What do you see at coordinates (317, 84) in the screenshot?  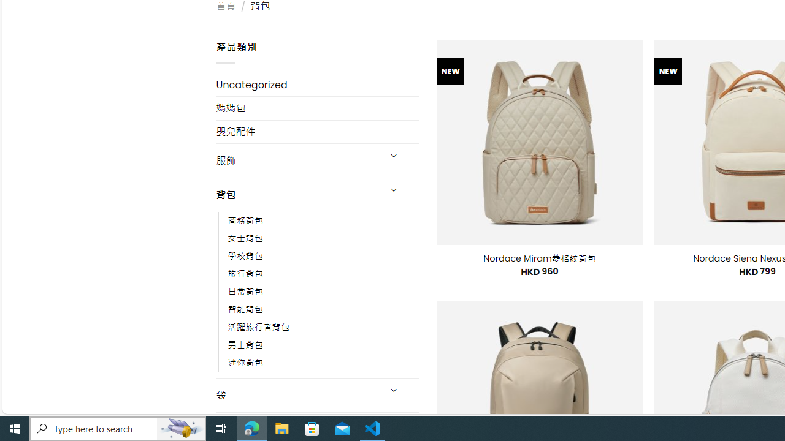 I see `'Uncategorized'` at bounding box center [317, 84].